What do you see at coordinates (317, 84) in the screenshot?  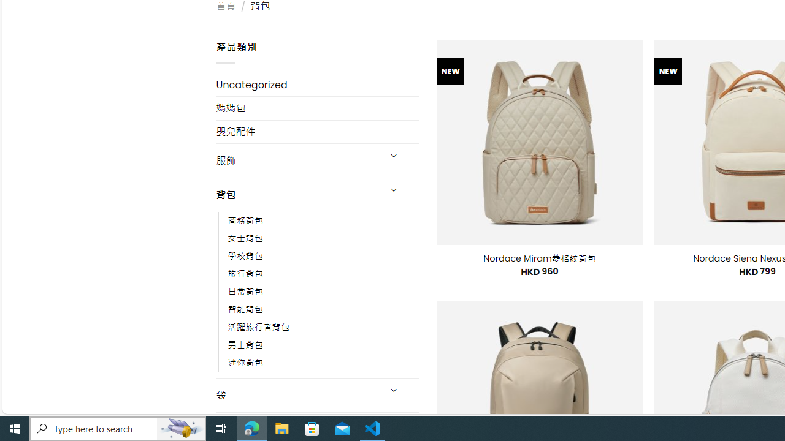 I see `'Uncategorized'` at bounding box center [317, 84].